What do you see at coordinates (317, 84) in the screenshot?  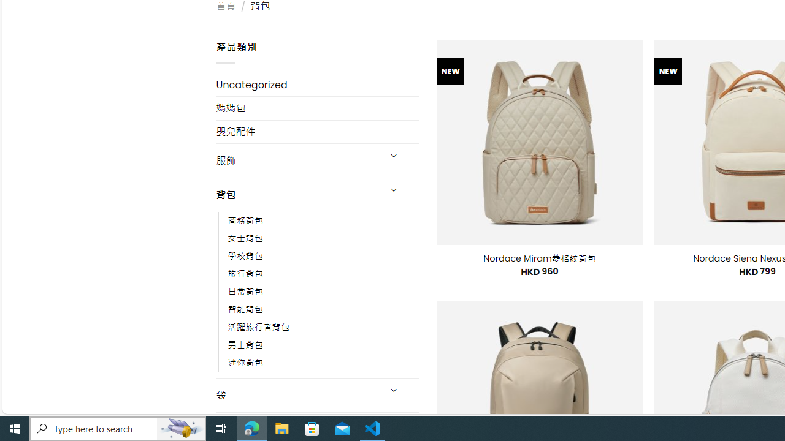 I see `'Uncategorized'` at bounding box center [317, 84].